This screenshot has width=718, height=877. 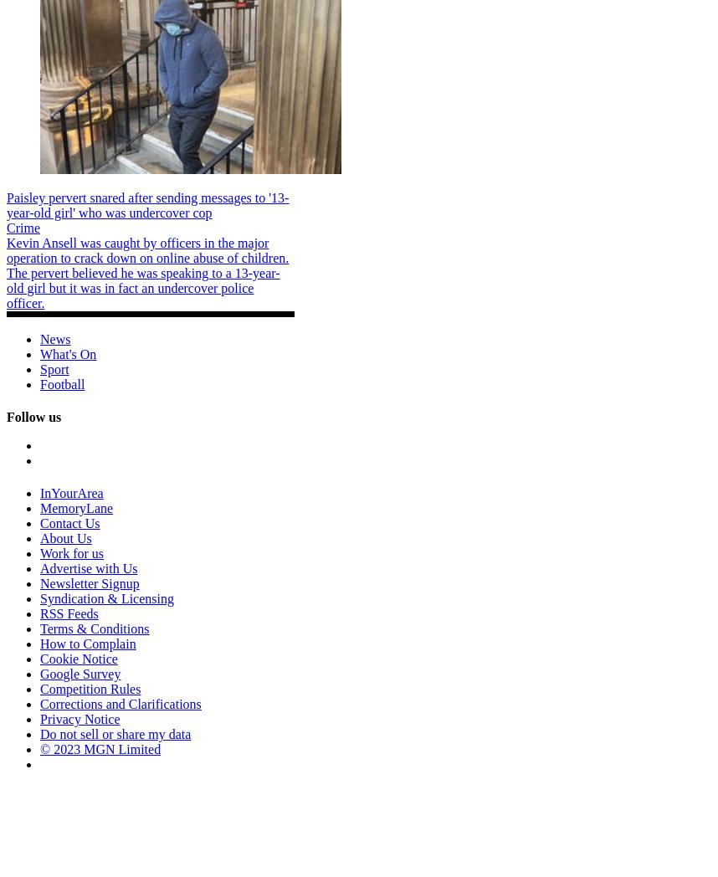 What do you see at coordinates (147, 204) in the screenshot?
I see `'Paisley pervert snared after sending messages to '13-year-old girl' who was undercover cop'` at bounding box center [147, 204].